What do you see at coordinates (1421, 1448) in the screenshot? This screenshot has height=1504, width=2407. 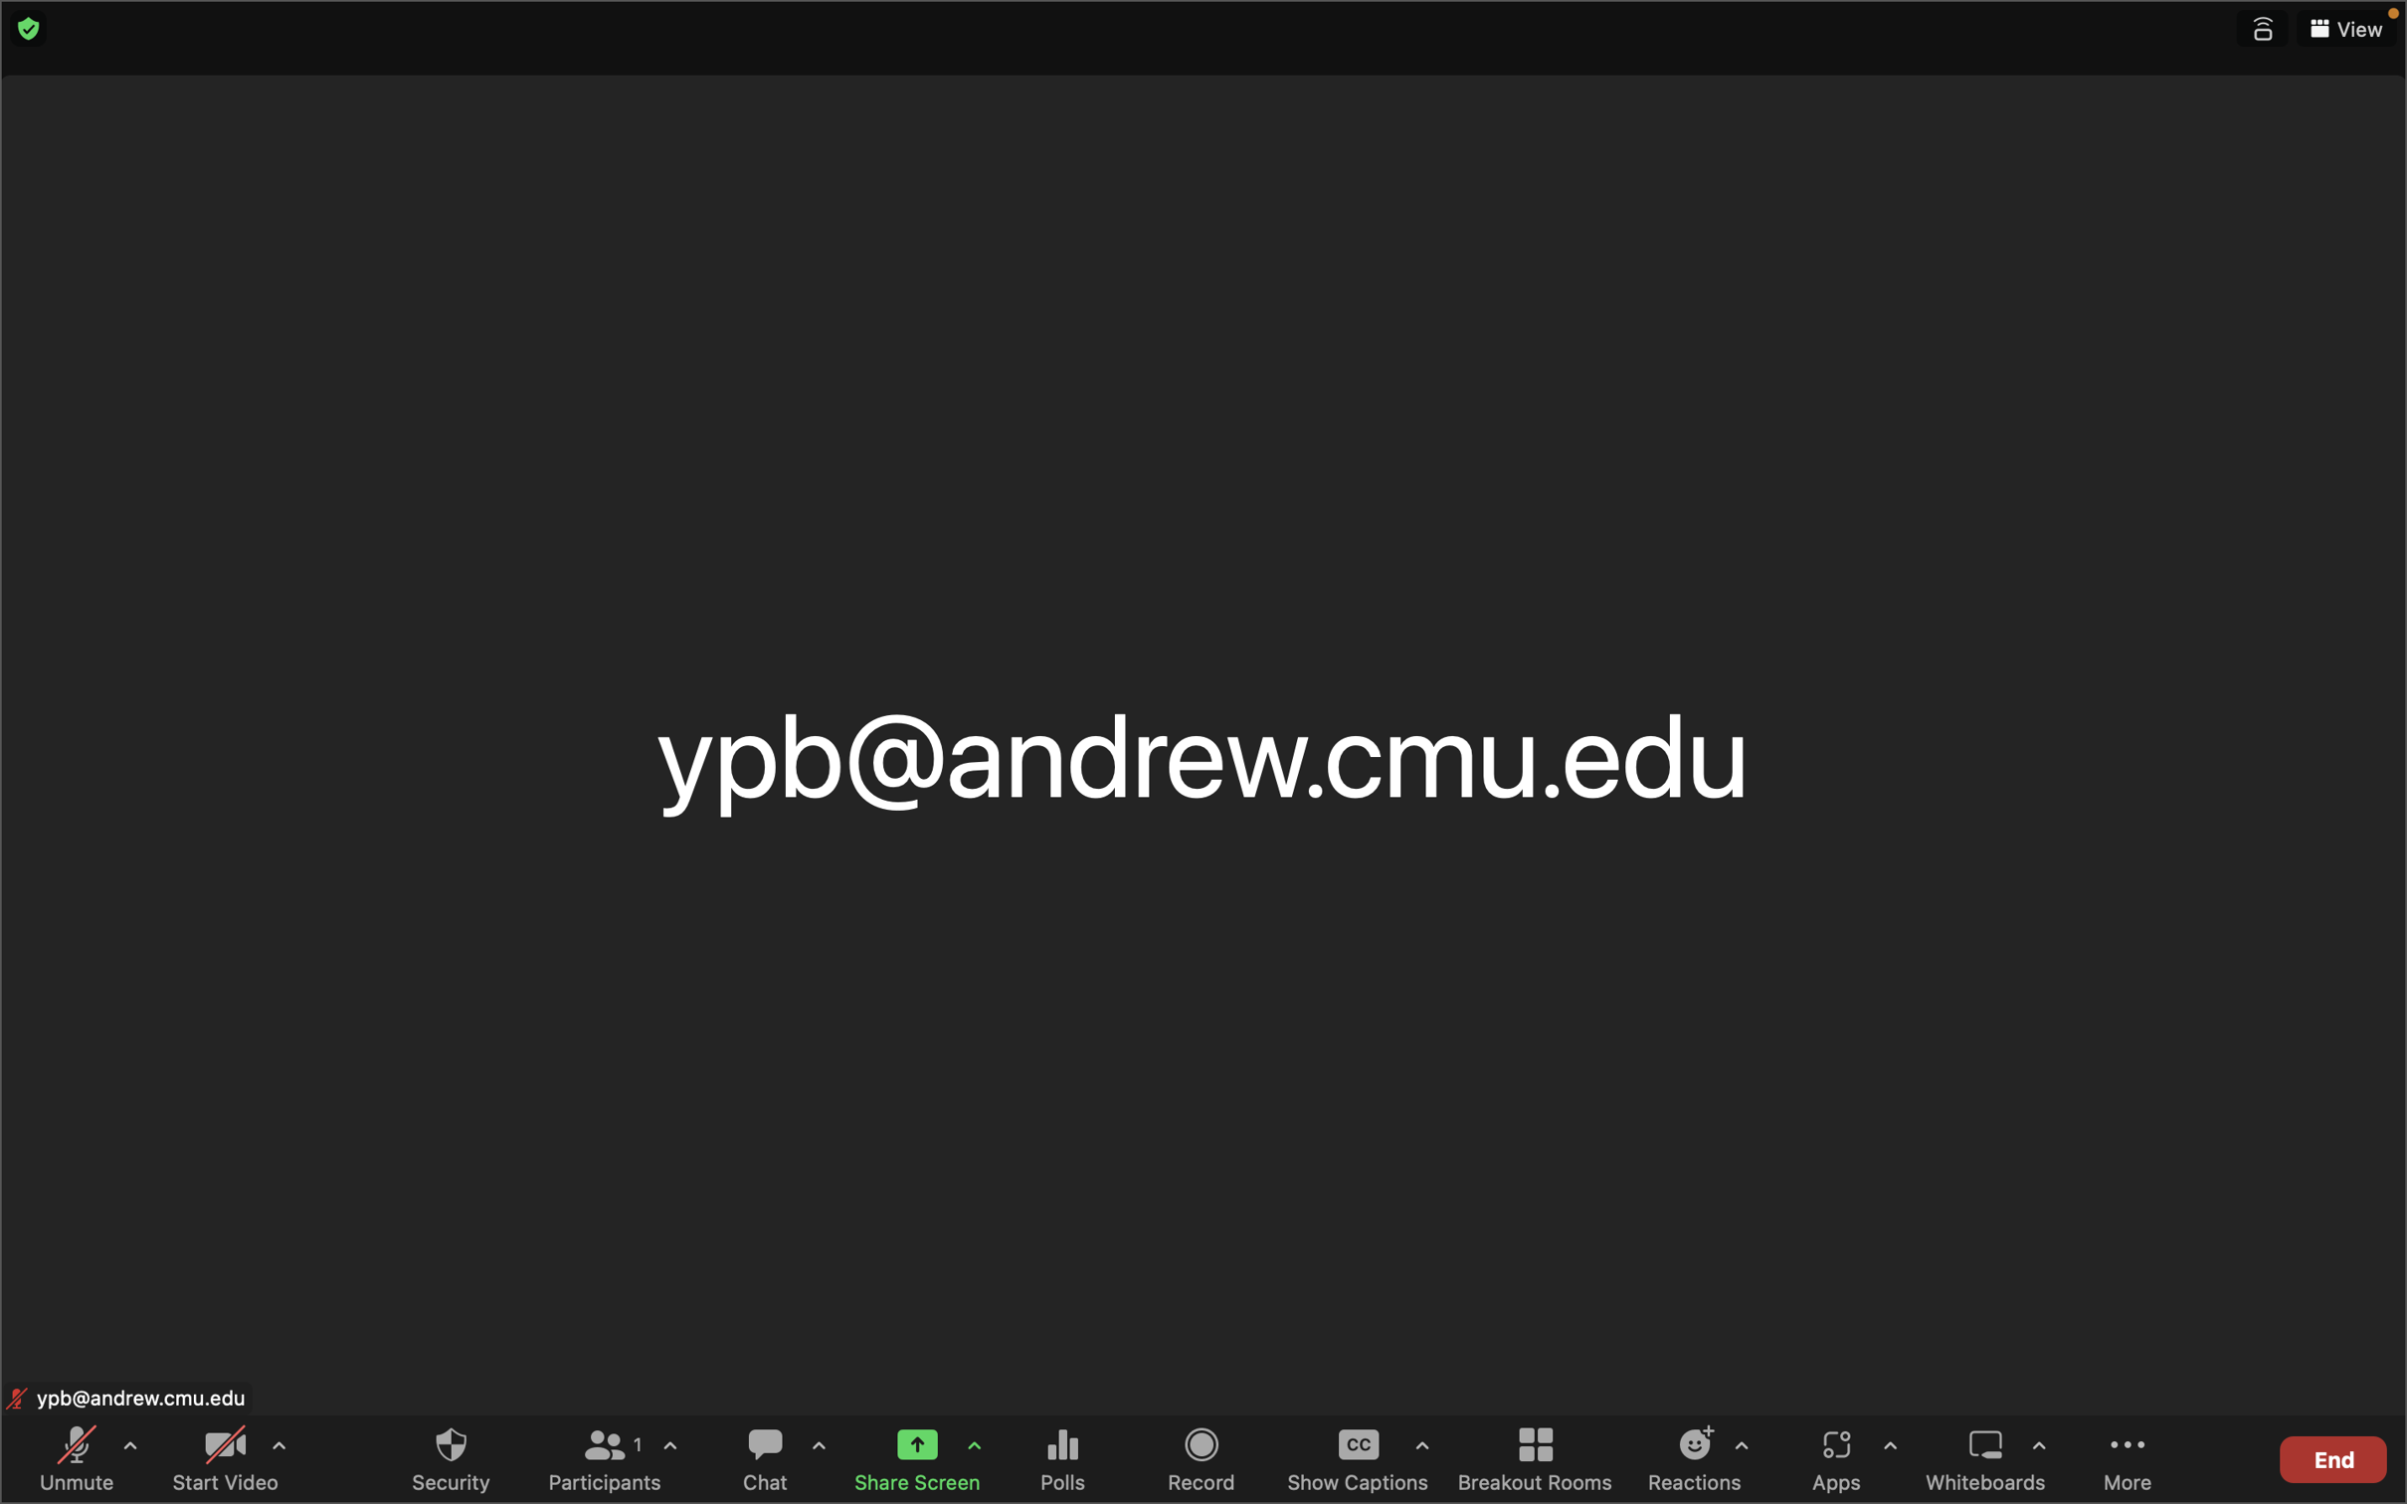 I see `the settings for closed captions` at bounding box center [1421, 1448].